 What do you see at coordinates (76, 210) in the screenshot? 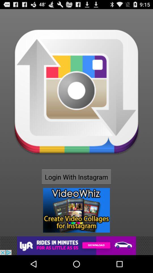
I see `advertisements image` at bounding box center [76, 210].